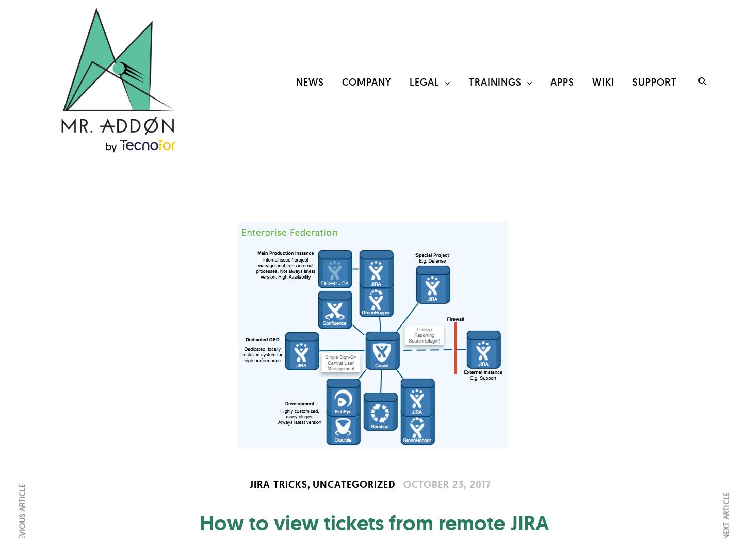 The height and width of the screenshot is (538, 748). What do you see at coordinates (366, 81) in the screenshot?
I see `'COMPANY'` at bounding box center [366, 81].